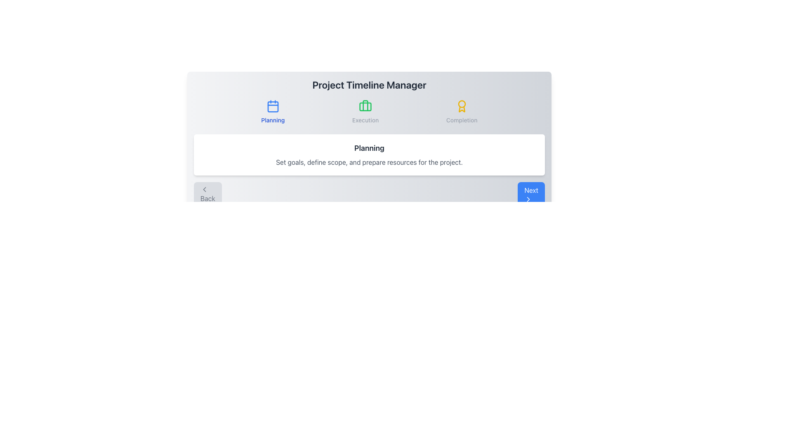 The image size is (792, 445). What do you see at coordinates (365, 106) in the screenshot?
I see `the 'Execution' icon located centrally in the 'Execution' section of the UI, which is positioned beneath the 'Execution' label` at bounding box center [365, 106].